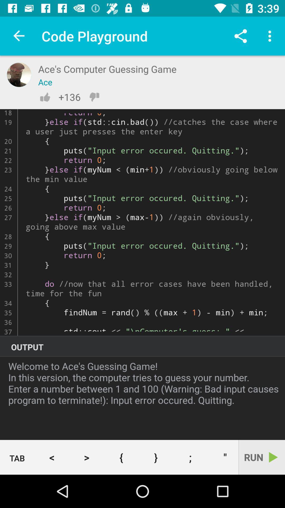 Image resolution: width=285 pixels, height=508 pixels. Describe the element at coordinates (155, 457) in the screenshot. I see `the icon next to {` at that location.